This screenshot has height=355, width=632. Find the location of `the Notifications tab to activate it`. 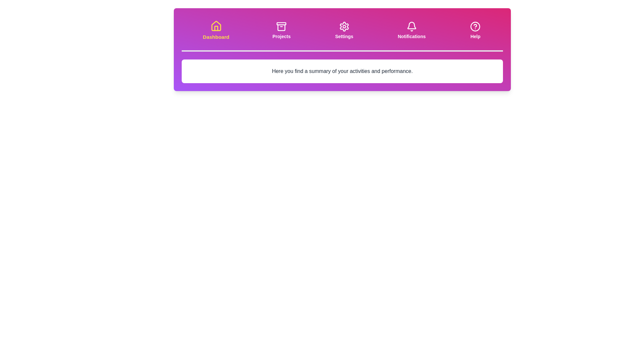

the Notifications tab to activate it is located at coordinates (411, 30).